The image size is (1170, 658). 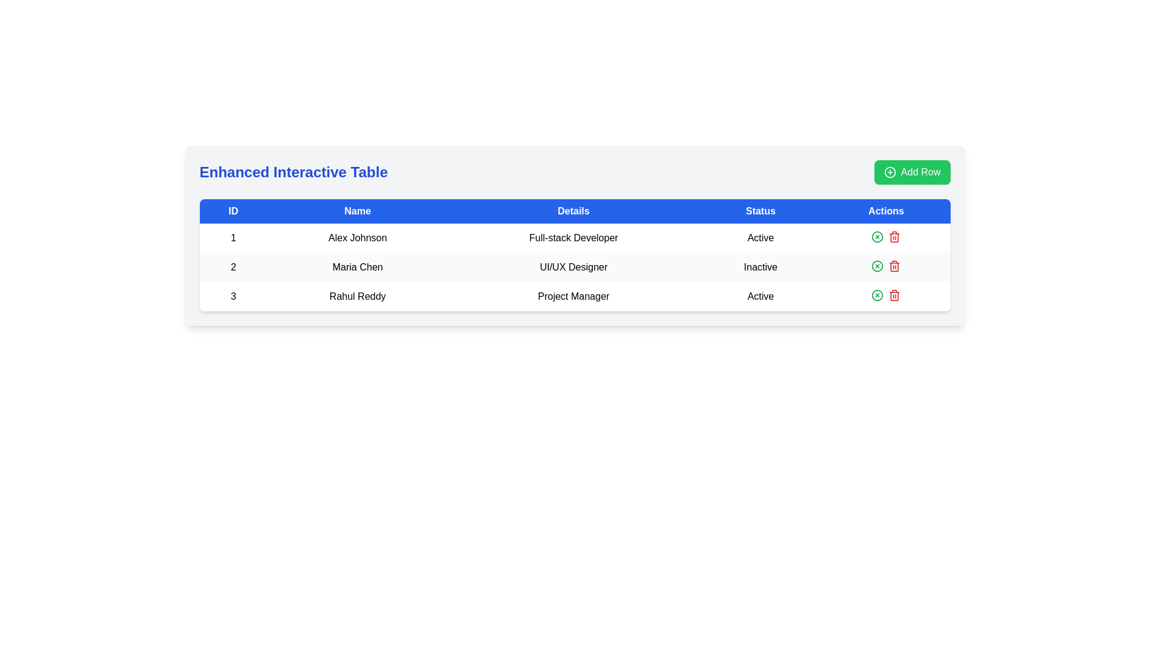 What do you see at coordinates (886, 211) in the screenshot?
I see `the column header label located at the far right of the header row in the table, which indicates action buttons for each row` at bounding box center [886, 211].